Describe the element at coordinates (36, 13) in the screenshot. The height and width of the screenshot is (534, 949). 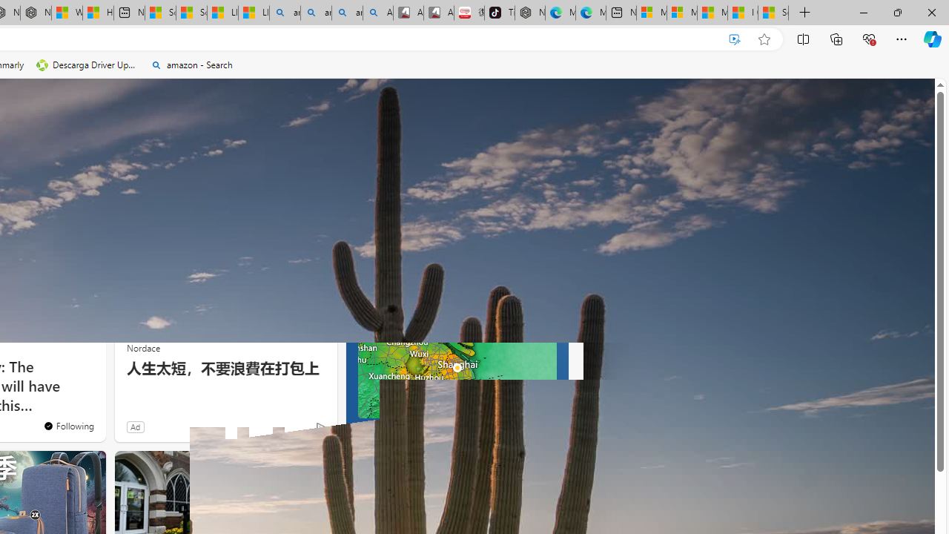
I see `'Nordace - Summer Adventures 2024'` at that location.